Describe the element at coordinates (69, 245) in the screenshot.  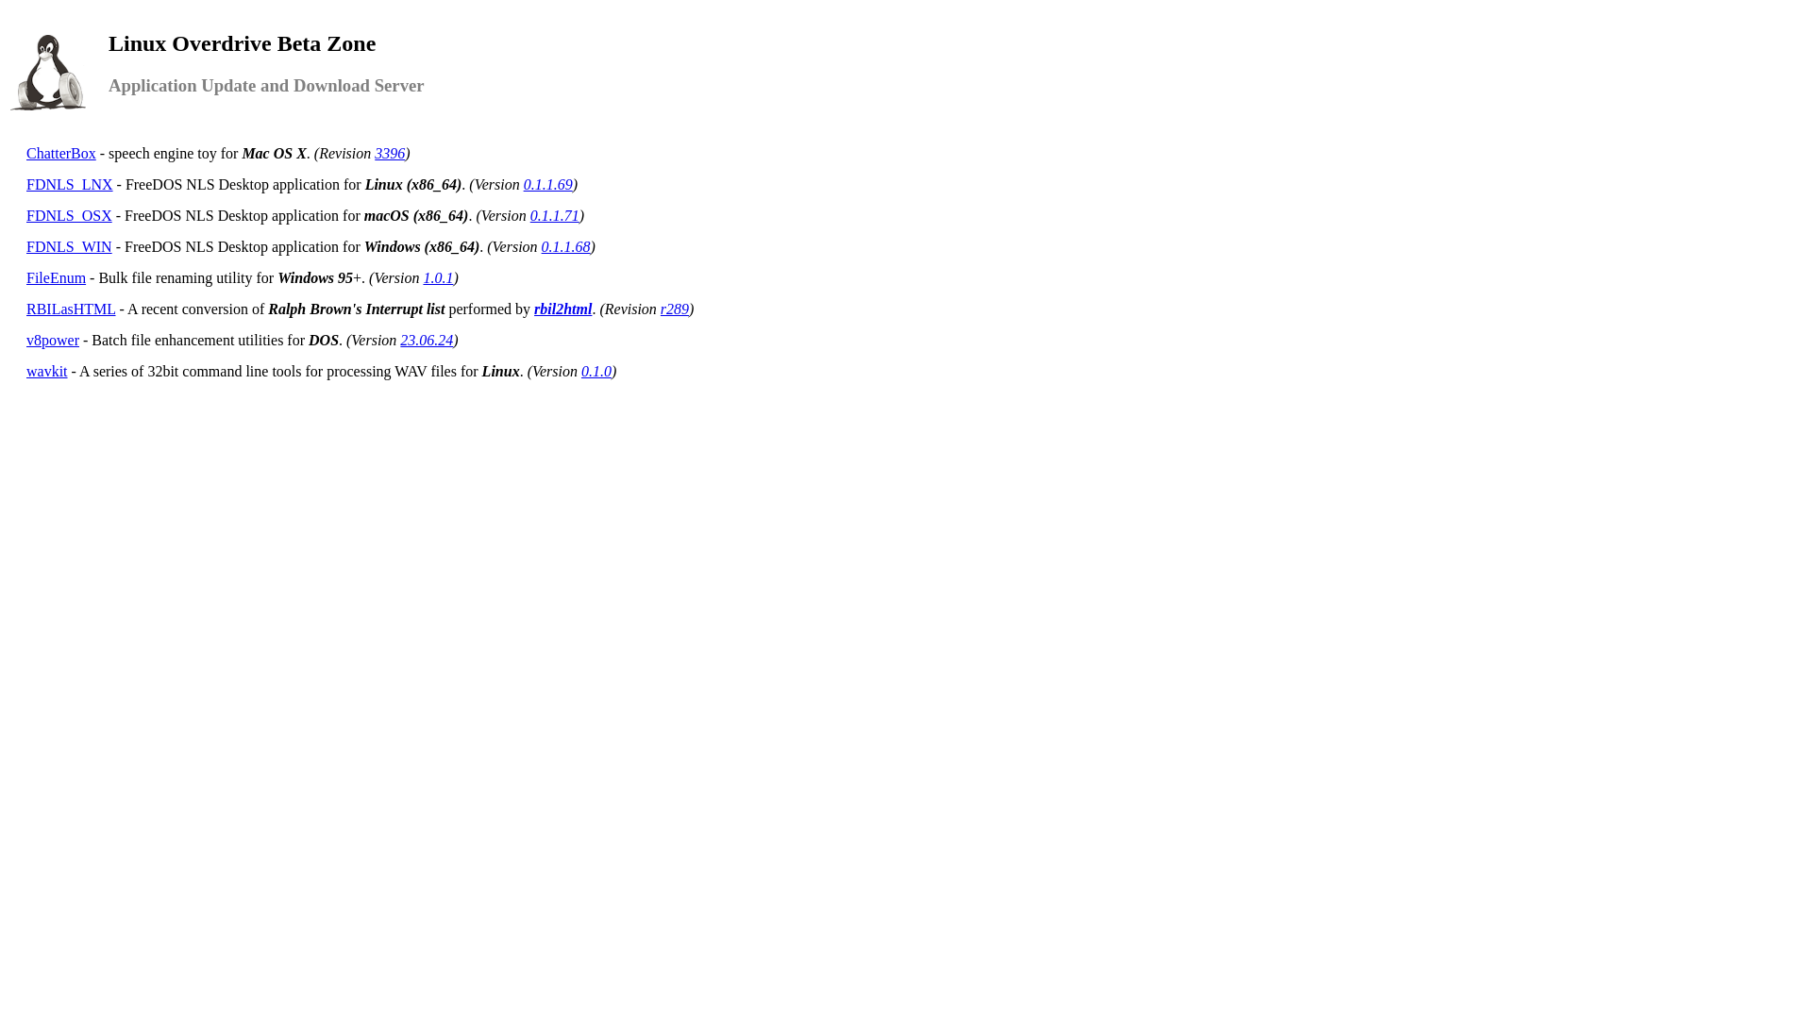
I see `'FDNLS_WIN'` at that location.